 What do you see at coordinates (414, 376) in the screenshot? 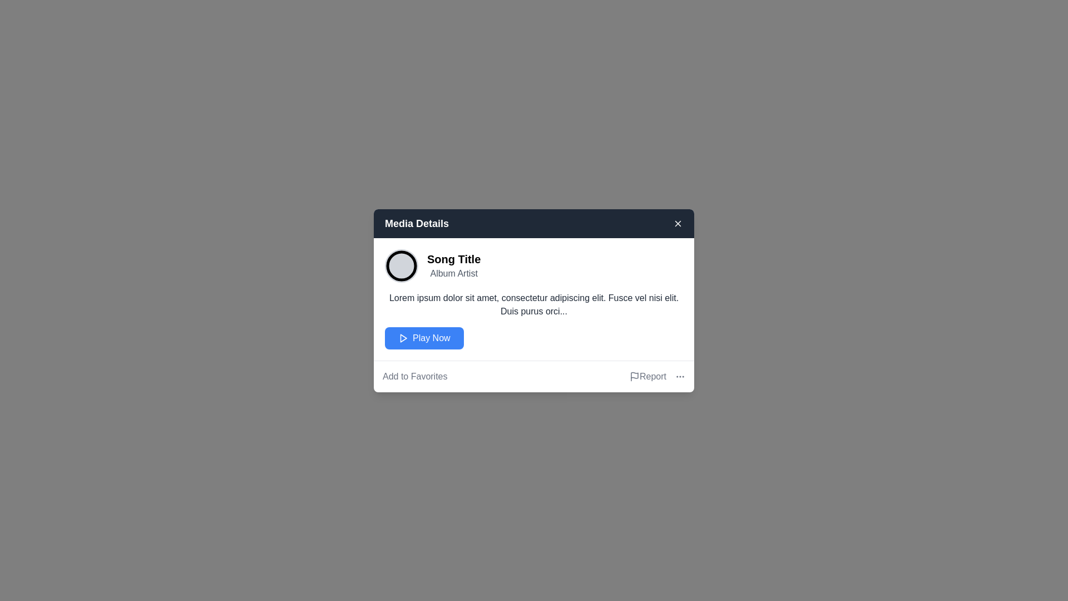
I see `the 'Link' button located at the bottom left corner of the modal dialog to change its color` at bounding box center [414, 376].